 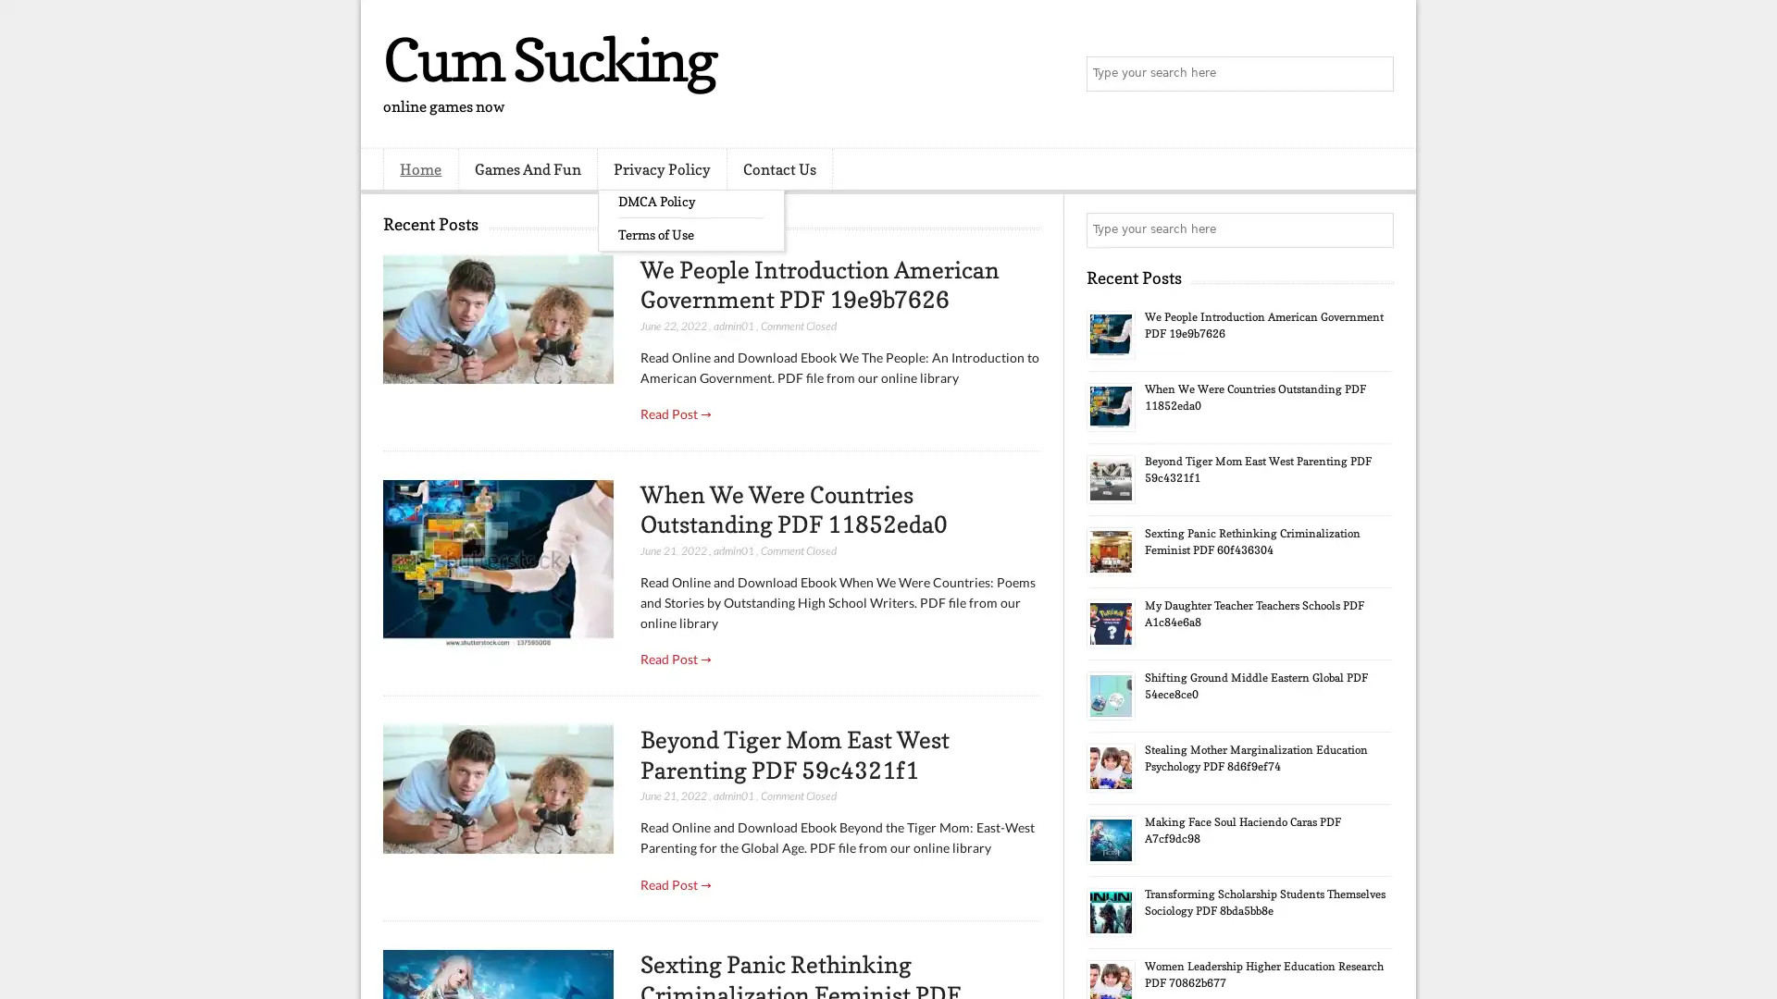 I want to click on Search, so click(x=1374, y=74).